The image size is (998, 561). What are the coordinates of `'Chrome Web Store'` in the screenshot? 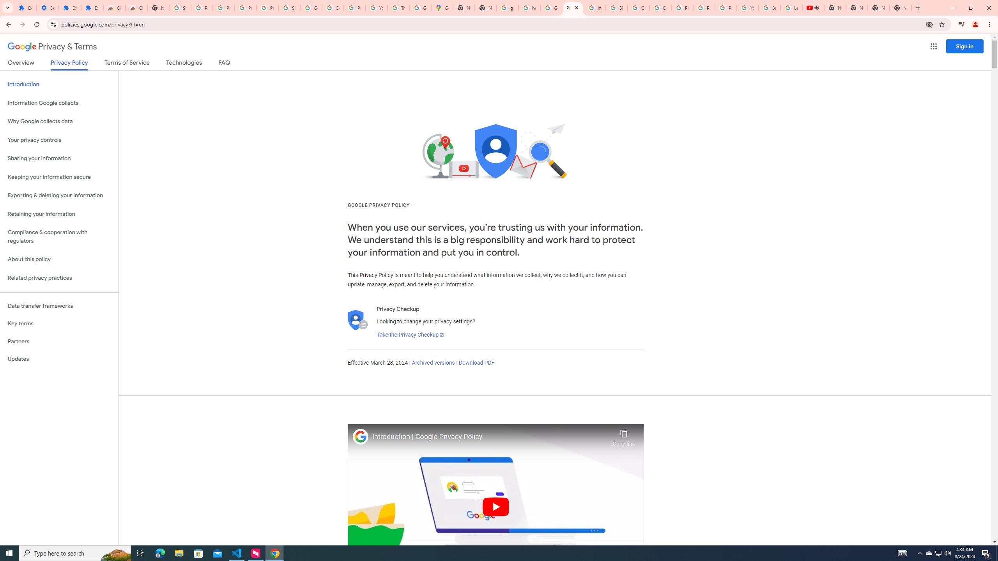 It's located at (114, 7).